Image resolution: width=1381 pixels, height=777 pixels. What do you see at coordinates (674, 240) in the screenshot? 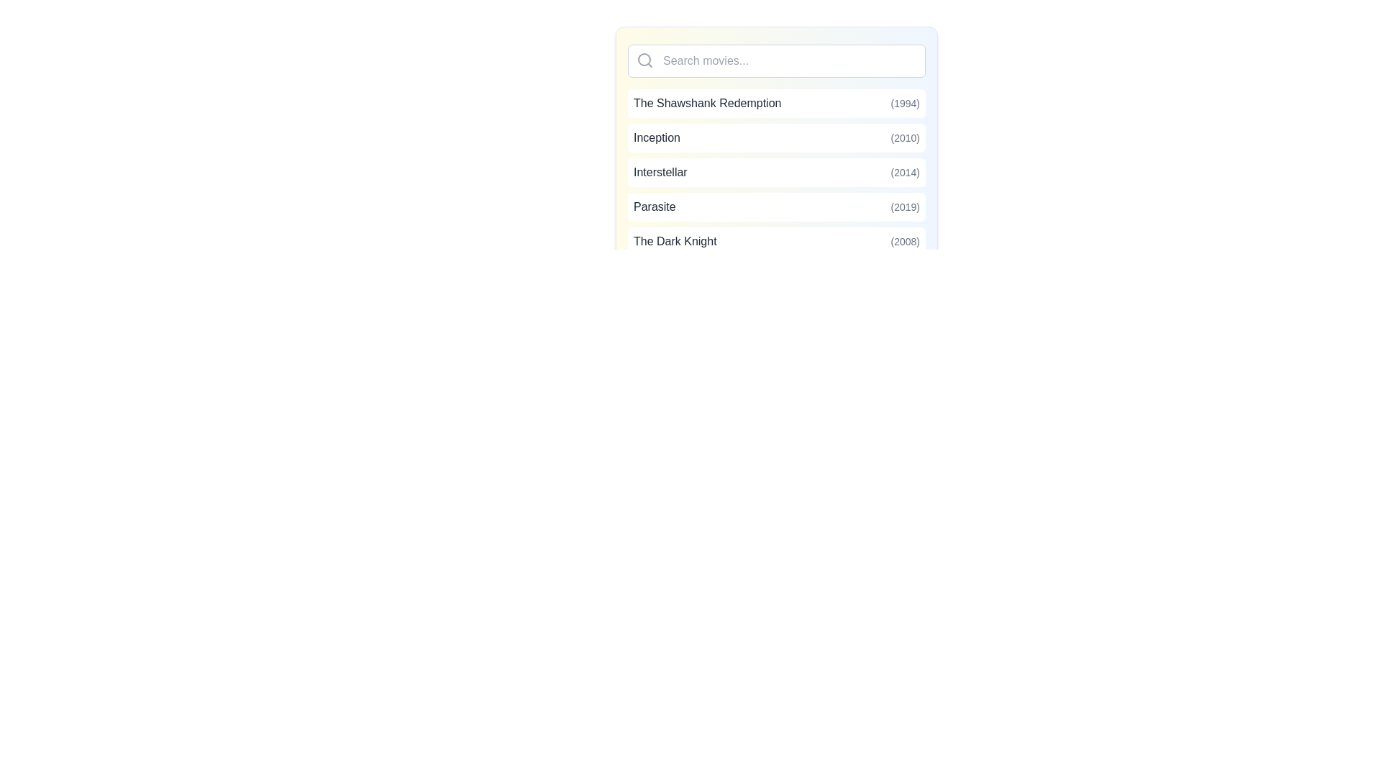
I see `text displayed in the title label for the movie 'The Dark Knight', which is located in the fifth item of a vertical list of movie titles` at bounding box center [674, 240].